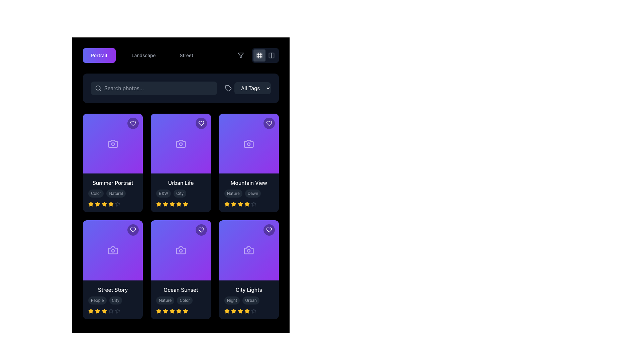  What do you see at coordinates (166, 204) in the screenshot?
I see `the third star icon in the rating system of the 'Urban Life' card located in the second column of the first row` at bounding box center [166, 204].